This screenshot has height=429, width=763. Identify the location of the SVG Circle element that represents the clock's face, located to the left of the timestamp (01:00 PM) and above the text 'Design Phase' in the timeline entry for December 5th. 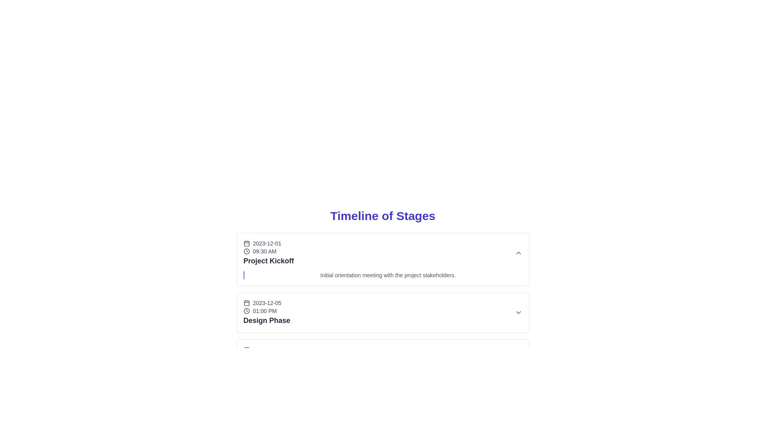
(246, 311).